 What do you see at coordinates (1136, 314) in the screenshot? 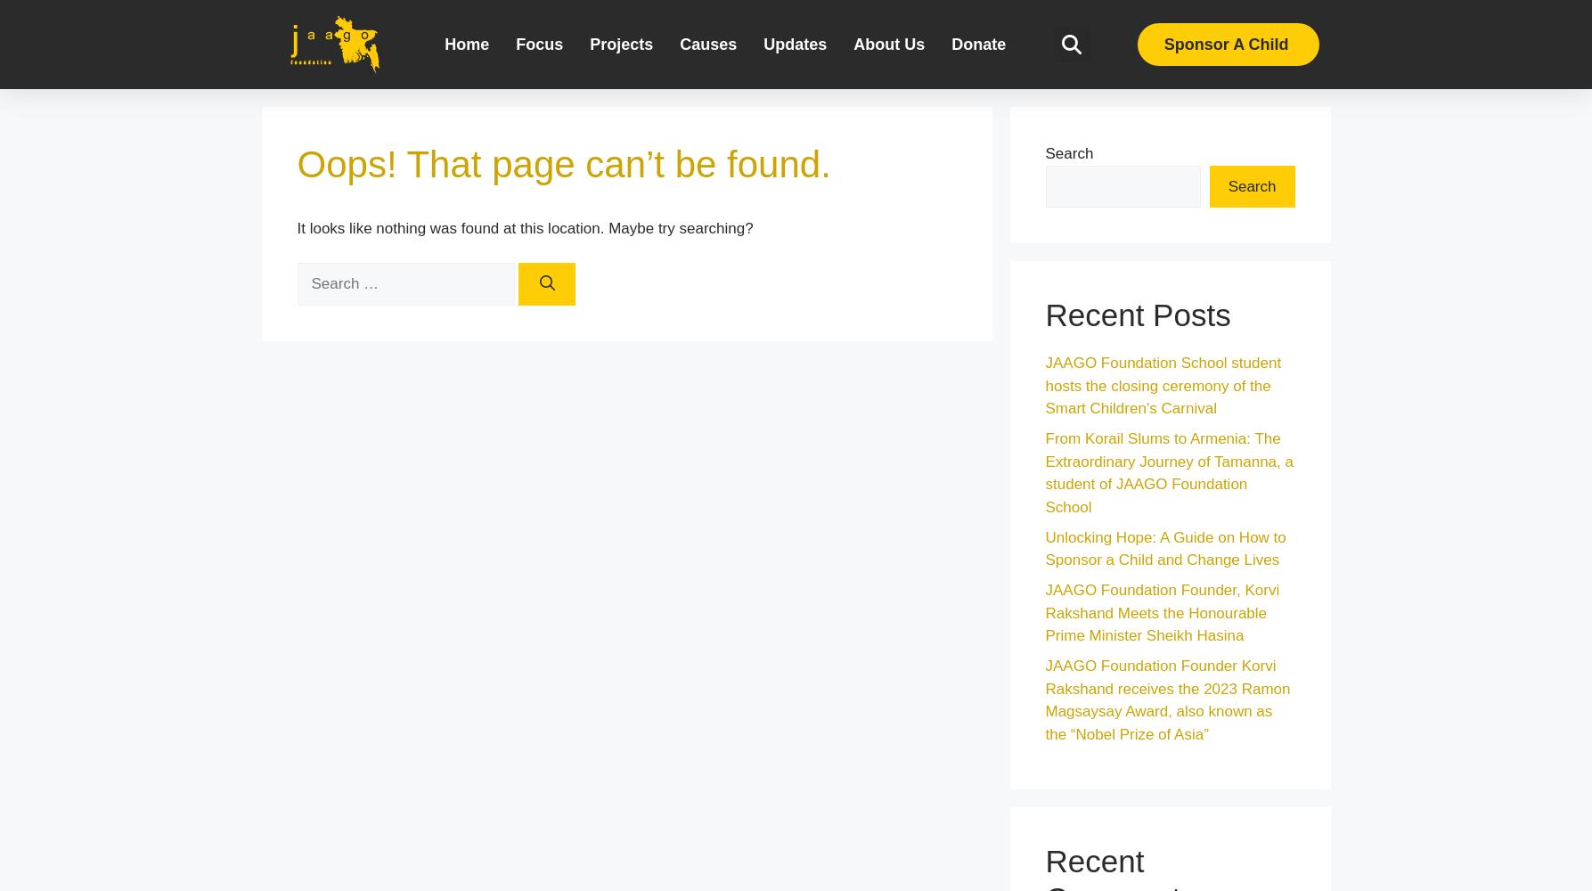
I see `'Recent Posts'` at bounding box center [1136, 314].